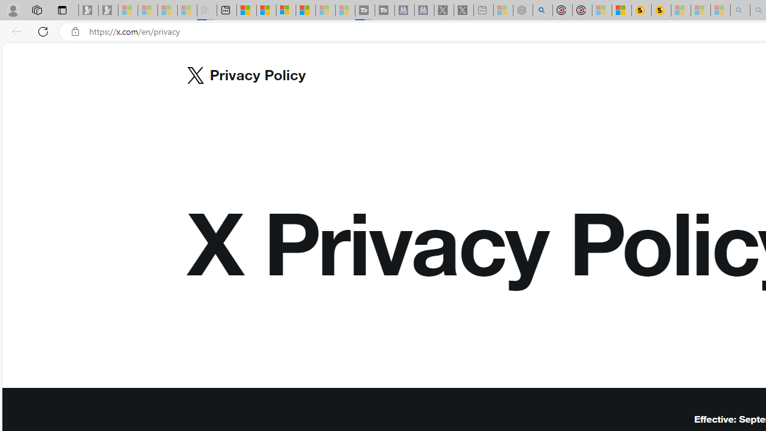 The width and height of the screenshot is (766, 431). I want to click on 'Michelle Starr, Senior Journalist at ScienceAlert', so click(661, 10).